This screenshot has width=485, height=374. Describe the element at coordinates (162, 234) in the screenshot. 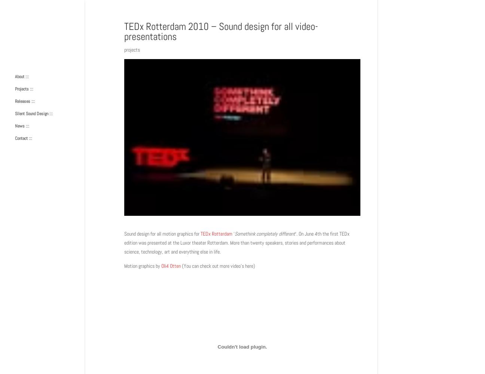

I see `'Sound design for all motion graphics for'` at that location.